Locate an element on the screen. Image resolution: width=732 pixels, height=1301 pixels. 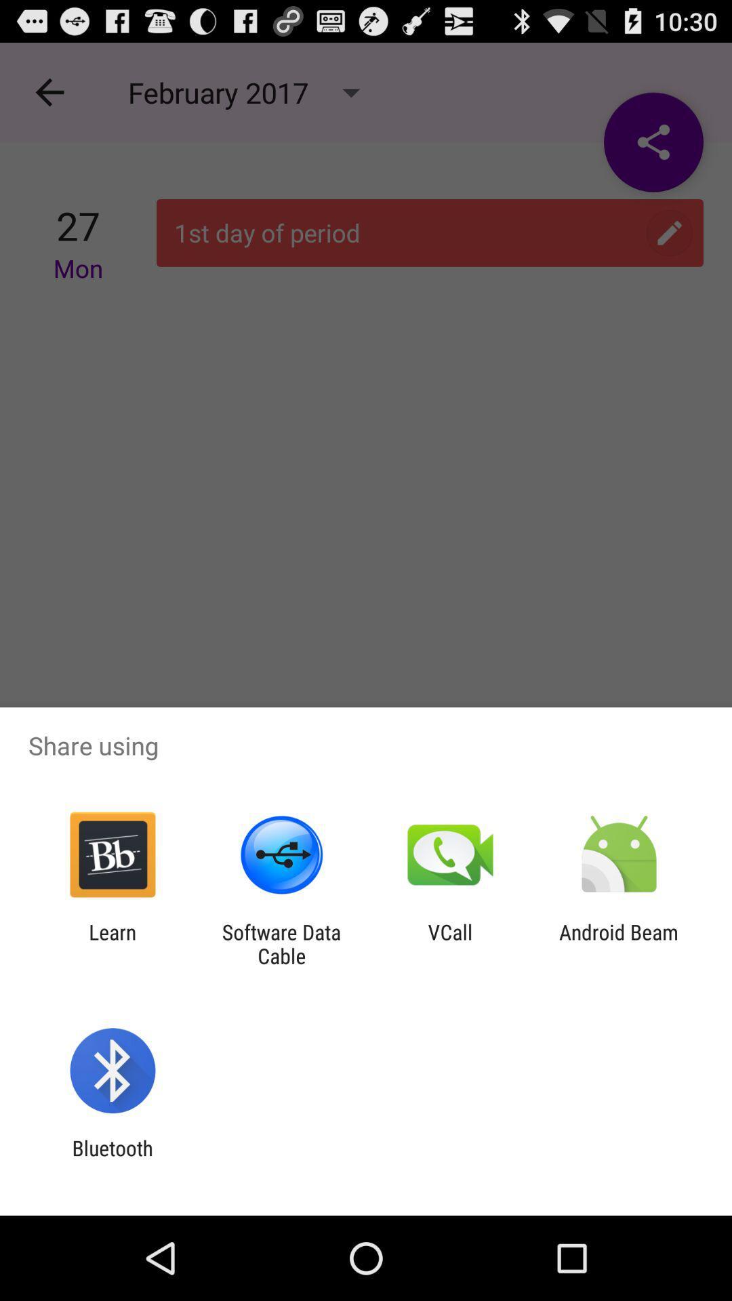
the vcall is located at coordinates (450, 943).